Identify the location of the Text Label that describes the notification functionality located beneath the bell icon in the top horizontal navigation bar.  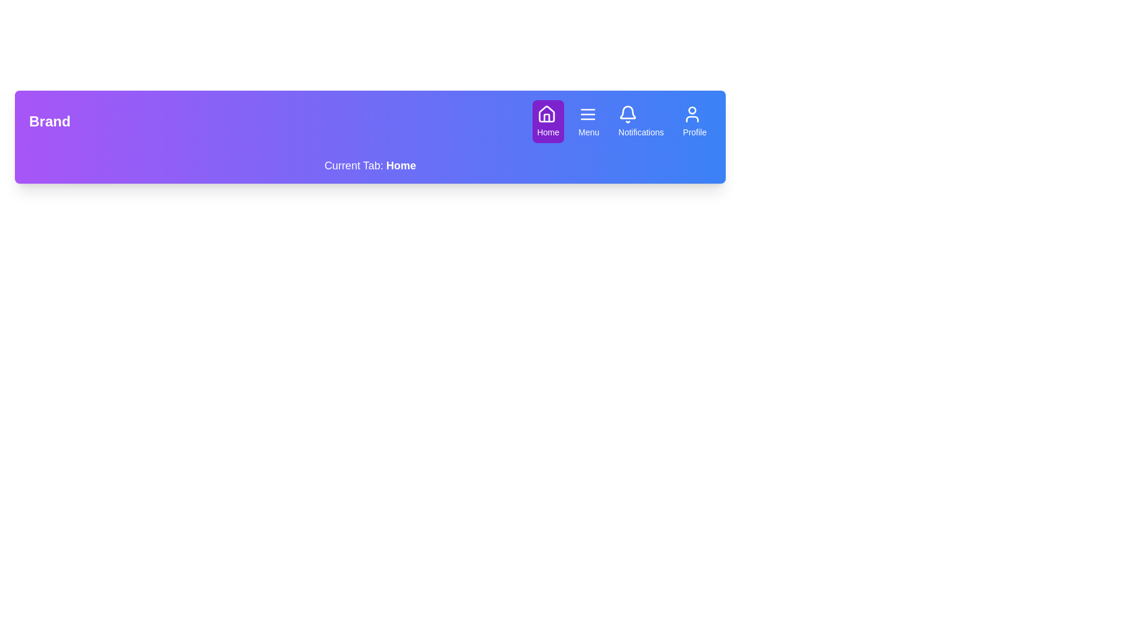
(640, 132).